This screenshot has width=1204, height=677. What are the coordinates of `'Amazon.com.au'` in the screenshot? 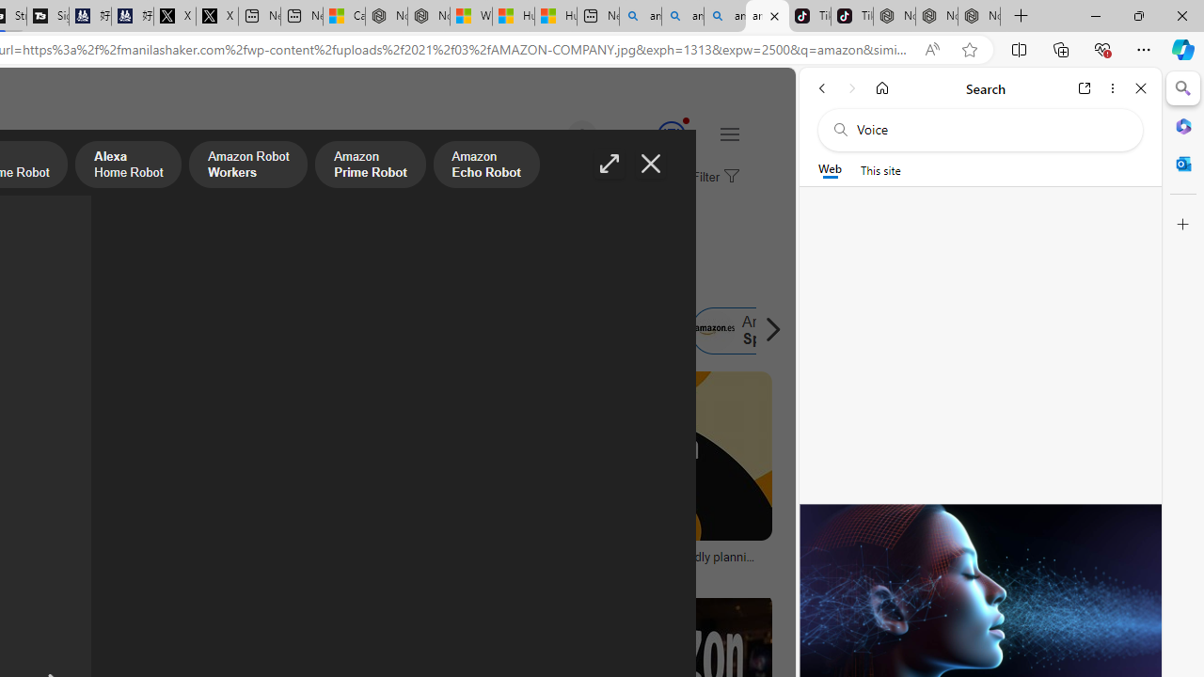 It's located at (253, 330).